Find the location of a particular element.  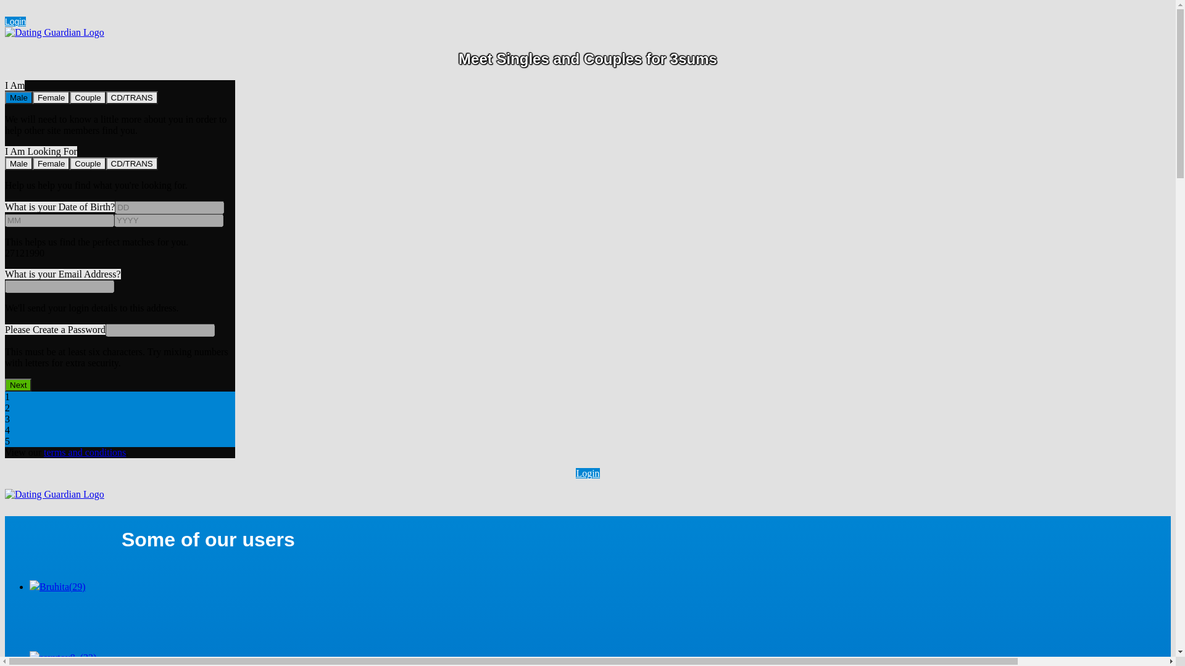

'Female' is located at coordinates (50, 97).